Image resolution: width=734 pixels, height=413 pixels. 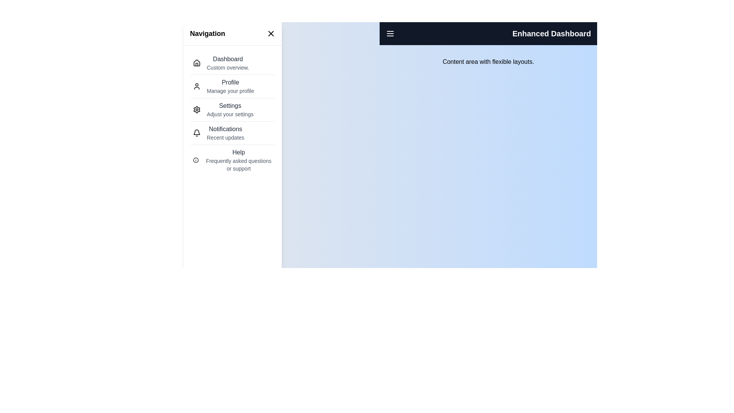 What do you see at coordinates (227, 59) in the screenshot?
I see `the 'Dashboard' label in the navigation menu, which serves as a static informational header indicating the section` at bounding box center [227, 59].